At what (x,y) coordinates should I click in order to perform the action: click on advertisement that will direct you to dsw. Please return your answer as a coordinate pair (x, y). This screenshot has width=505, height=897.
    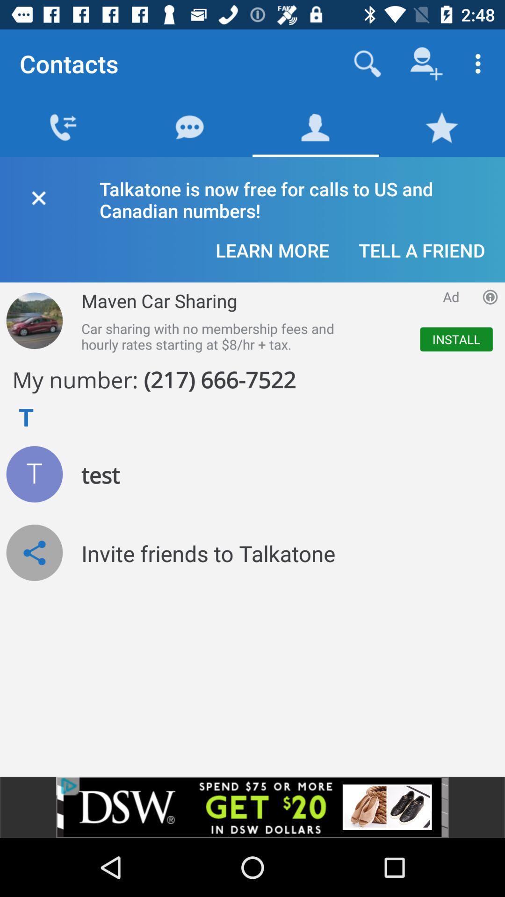
    Looking at the image, I should click on (252, 807).